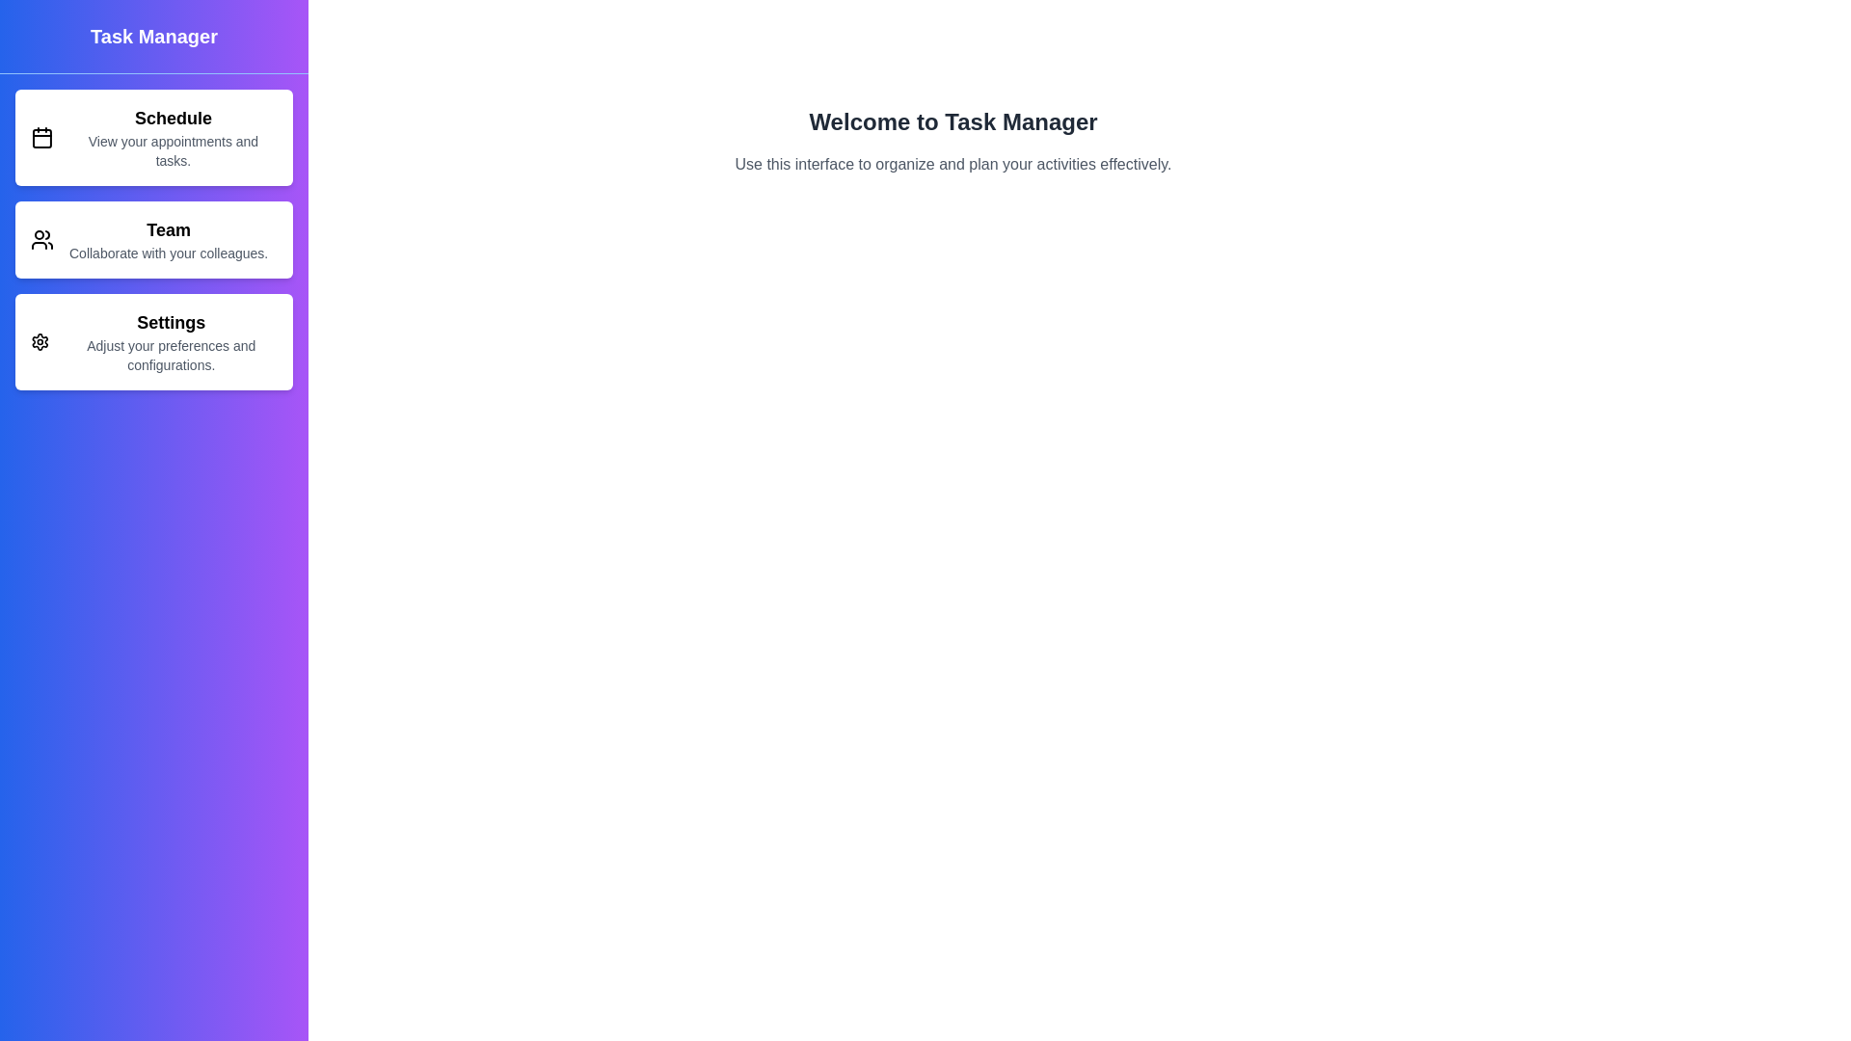  What do you see at coordinates (152, 136) in the screenshot?
I see `the menu item Schedule to navigate to its respective section` at bounding box center [152, 136].